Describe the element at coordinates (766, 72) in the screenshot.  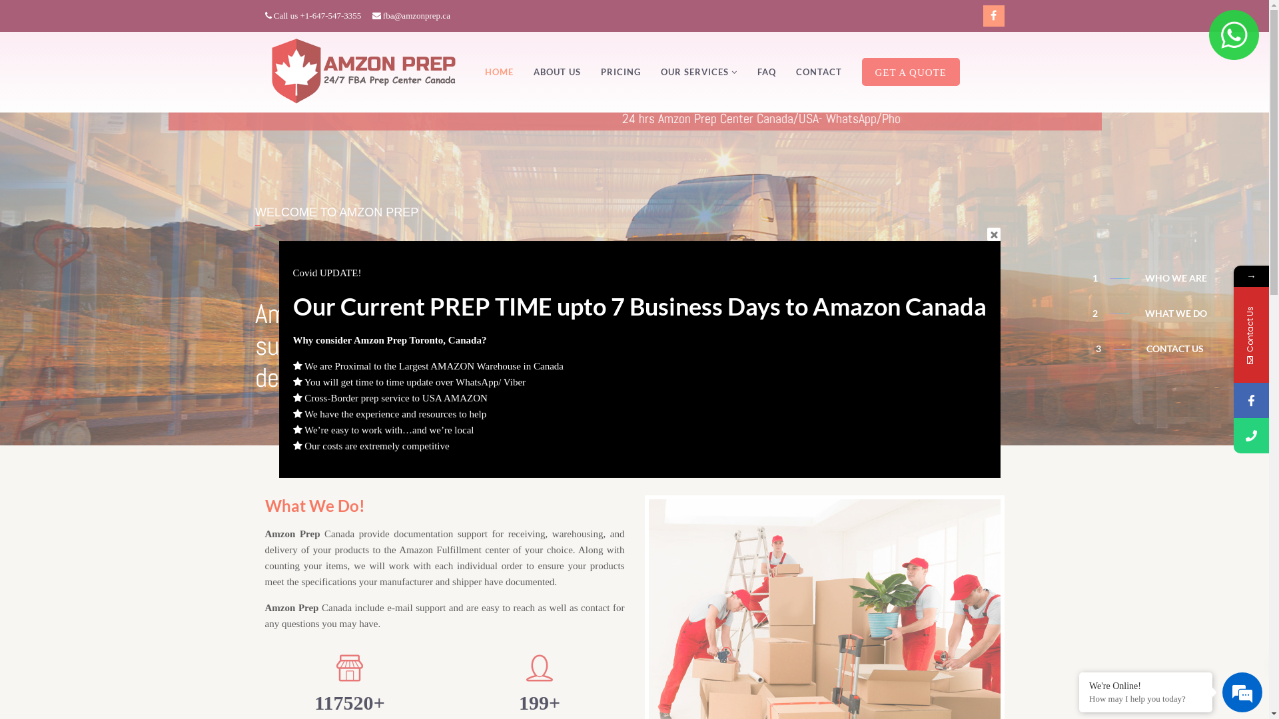
I see `'FAQ'` at that location.